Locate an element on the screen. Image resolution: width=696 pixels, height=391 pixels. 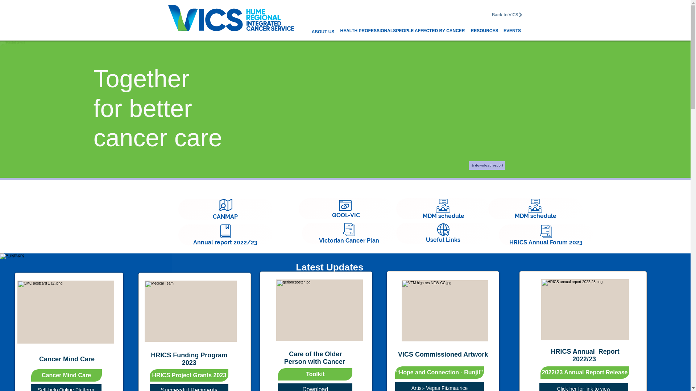
'Victorian Cancer Plan' is located at coordinates (348, 233).